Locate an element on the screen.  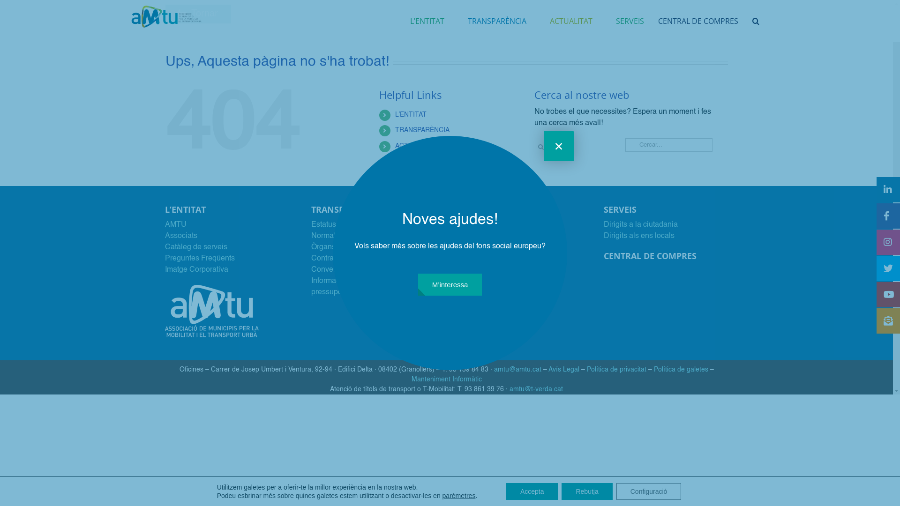
'Dirigits als ens locals' is located at coordinates (638, 236).